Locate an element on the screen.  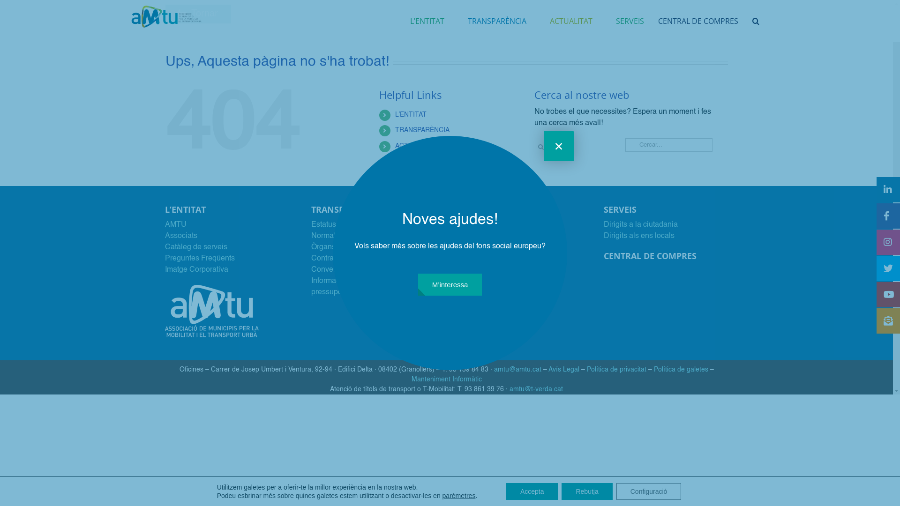
'Dirigits als ens locals' is located at coordinates (638, 236).